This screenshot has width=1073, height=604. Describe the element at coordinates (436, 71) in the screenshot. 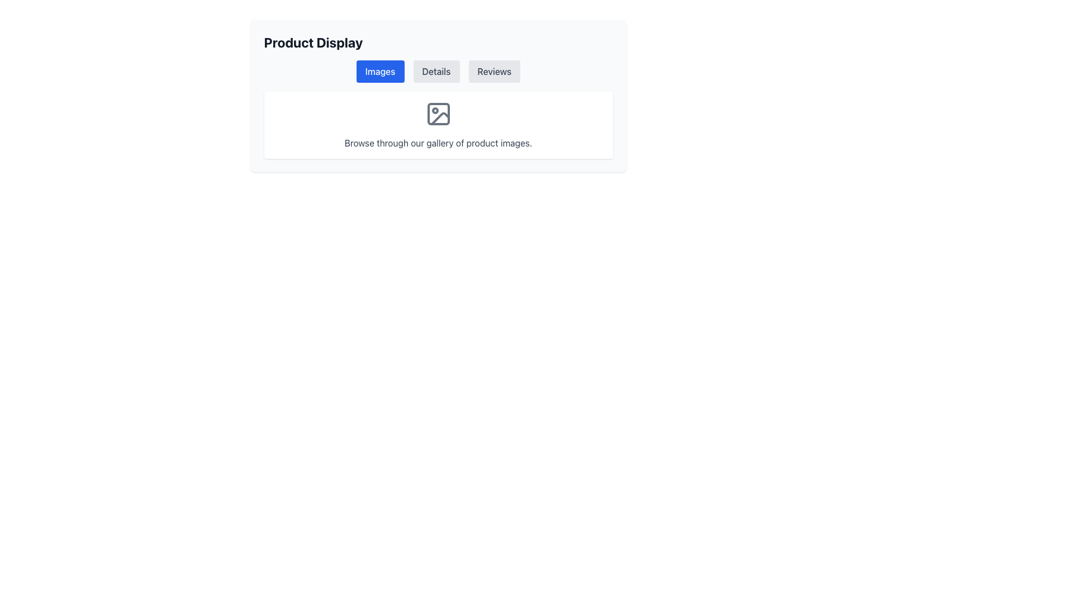

I see `the 'Details' button, which is a rectangular button with medium gray text on a light gray background, located centrally in the upper interface section between the 'Images' and 'Reviews' buttons` at that location.